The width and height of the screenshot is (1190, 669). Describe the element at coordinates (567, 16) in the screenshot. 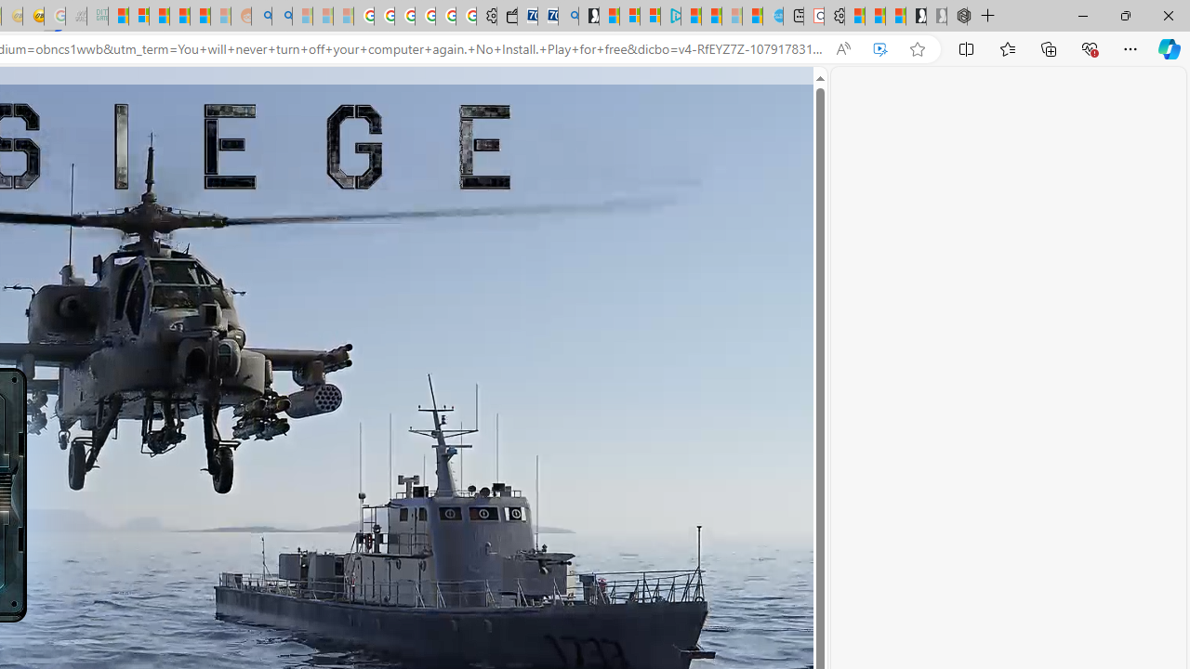

I see `'Bing Real Estate - Home sales and rental listings'` at that location.